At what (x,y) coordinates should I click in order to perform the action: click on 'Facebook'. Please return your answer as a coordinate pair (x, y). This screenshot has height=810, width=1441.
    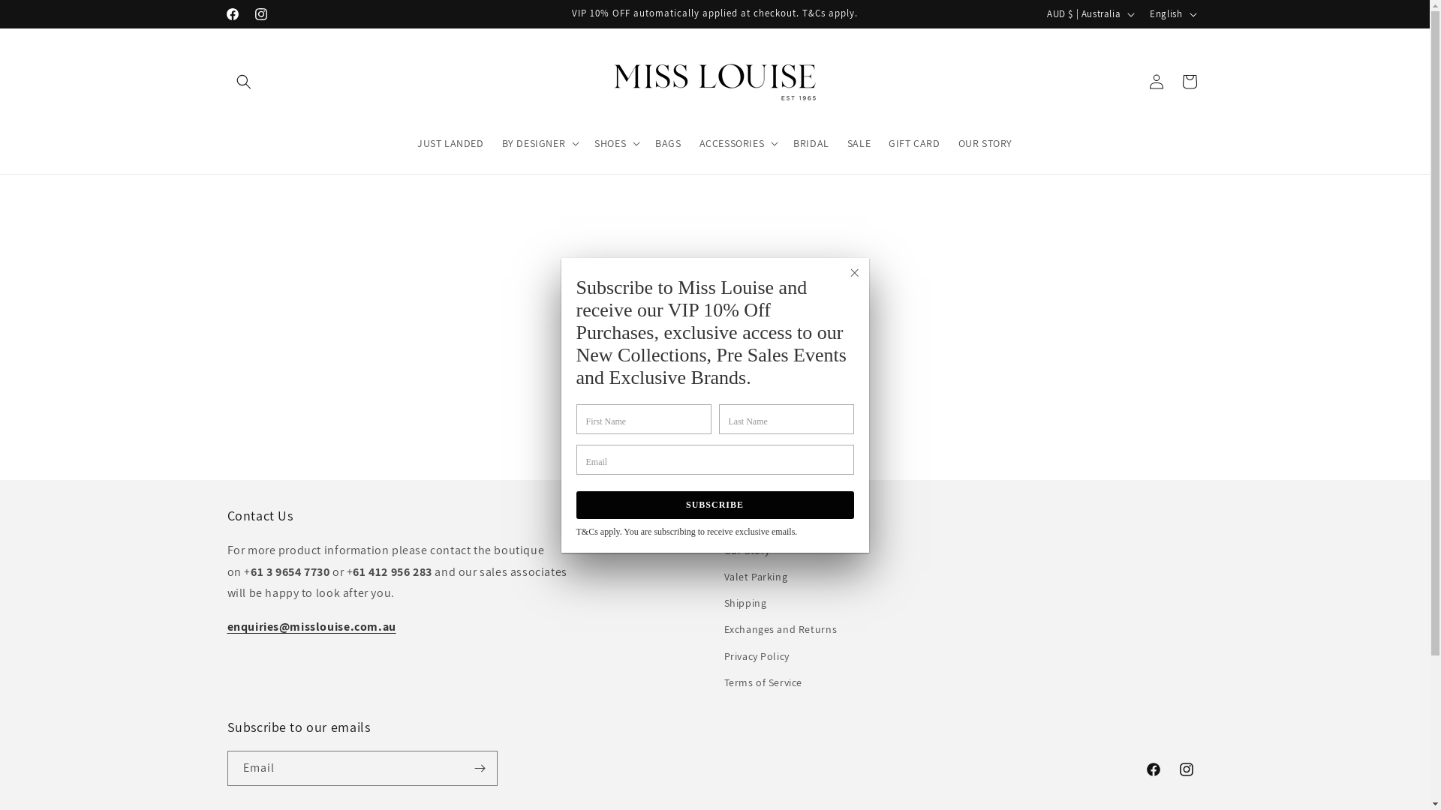
    Looking at the image, I should click on (230, 14).